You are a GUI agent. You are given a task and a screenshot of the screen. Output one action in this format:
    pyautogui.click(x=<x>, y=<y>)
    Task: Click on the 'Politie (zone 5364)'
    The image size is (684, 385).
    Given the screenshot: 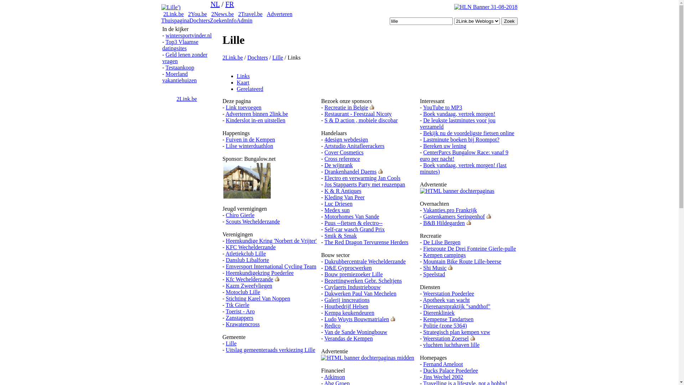 What is the action you would take?
    pyautogui.click(x=445, y=325)
    